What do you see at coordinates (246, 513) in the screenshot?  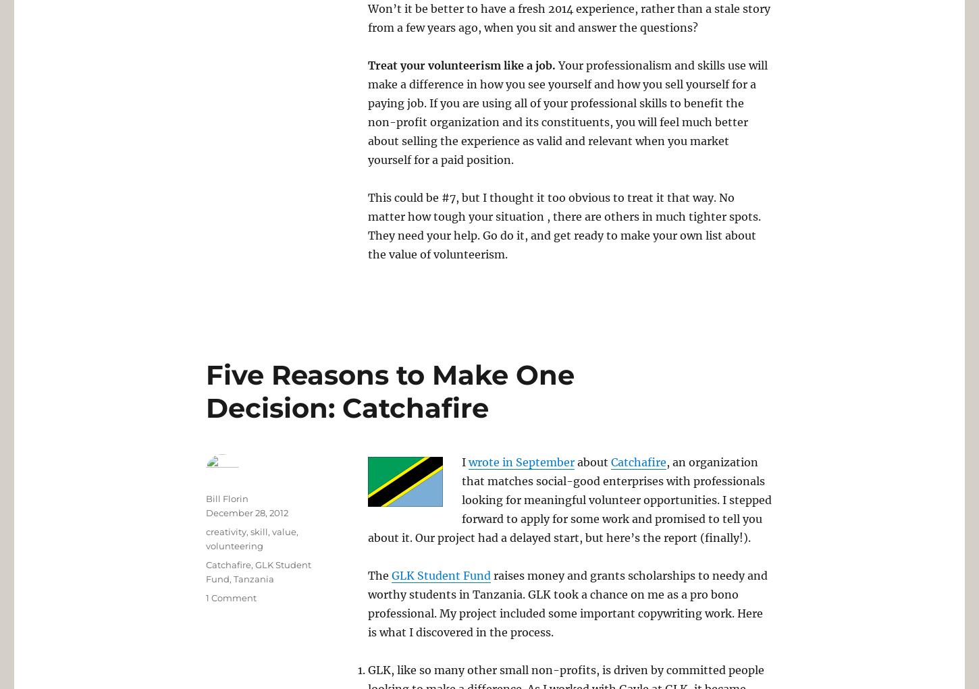 I see `'December 28, 2012'` at bounding box center [246, 513].